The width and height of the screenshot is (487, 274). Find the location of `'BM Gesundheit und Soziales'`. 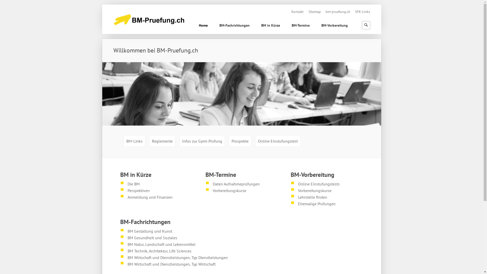

'BM Gesundheit und Soziales' is located at coordinates (128, 238).